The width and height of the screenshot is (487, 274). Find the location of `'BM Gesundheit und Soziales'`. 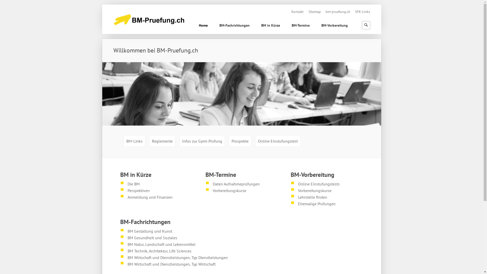

'BM Gesundheit und Soziales' is located at coordinates (128, 238).